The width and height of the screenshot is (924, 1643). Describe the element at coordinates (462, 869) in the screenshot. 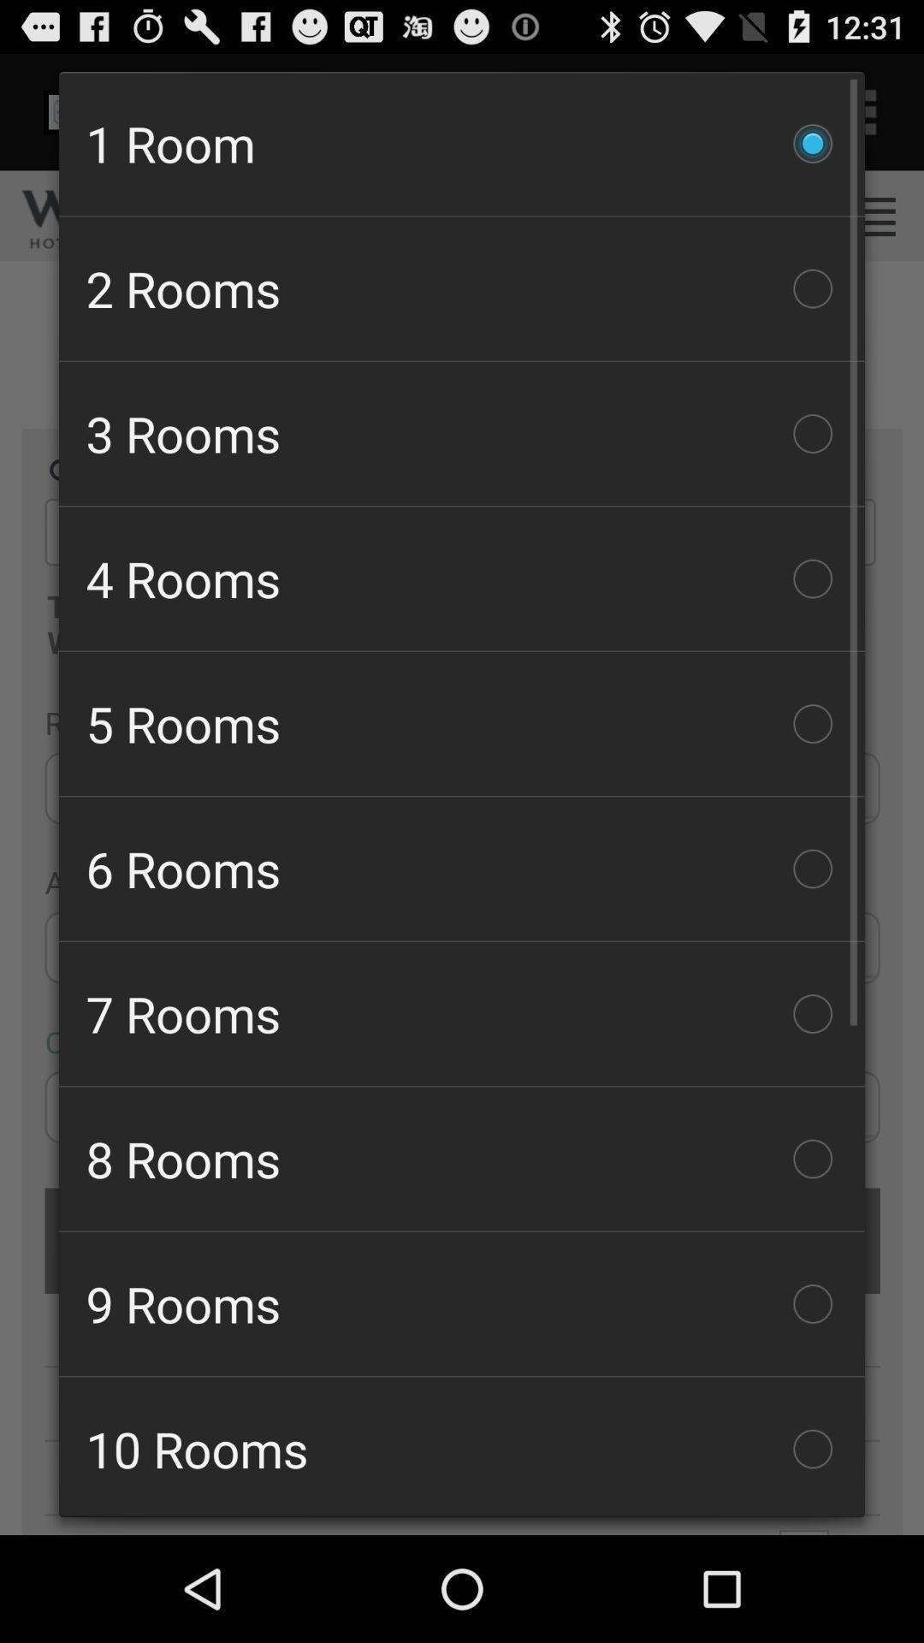

I see `icon below 5 rooms icon` at that location.